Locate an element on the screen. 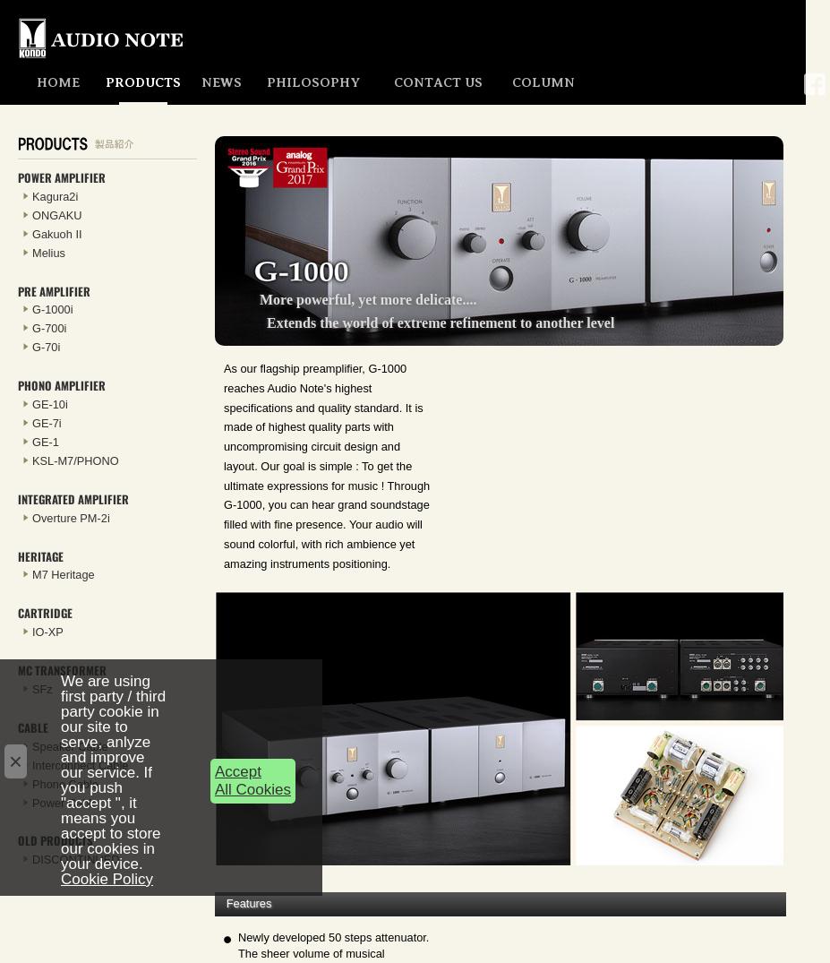 The width and height of the screenshot is (830, 963). 'MC TRANSFORMER' is located at coordinates (61, 670).